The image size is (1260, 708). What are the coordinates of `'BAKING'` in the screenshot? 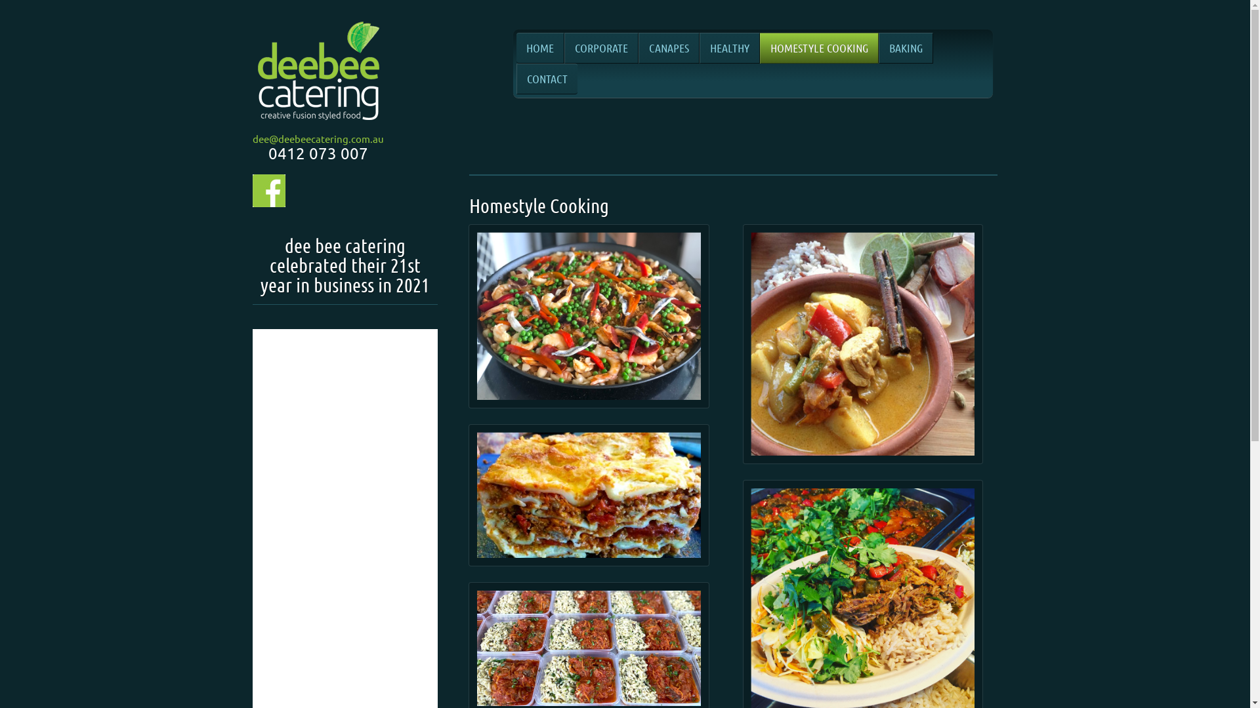 It's located at (905, 47).